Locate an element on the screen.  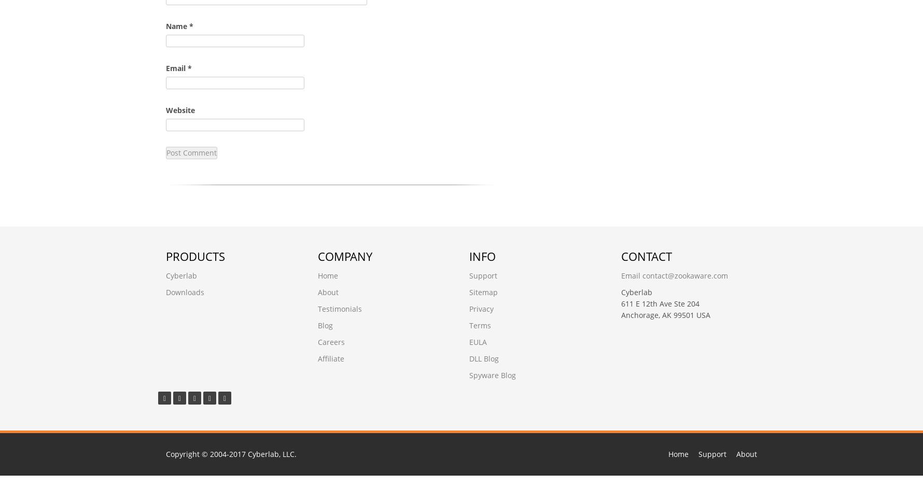
'DLL Blog' is located at coordinates (484, 358).